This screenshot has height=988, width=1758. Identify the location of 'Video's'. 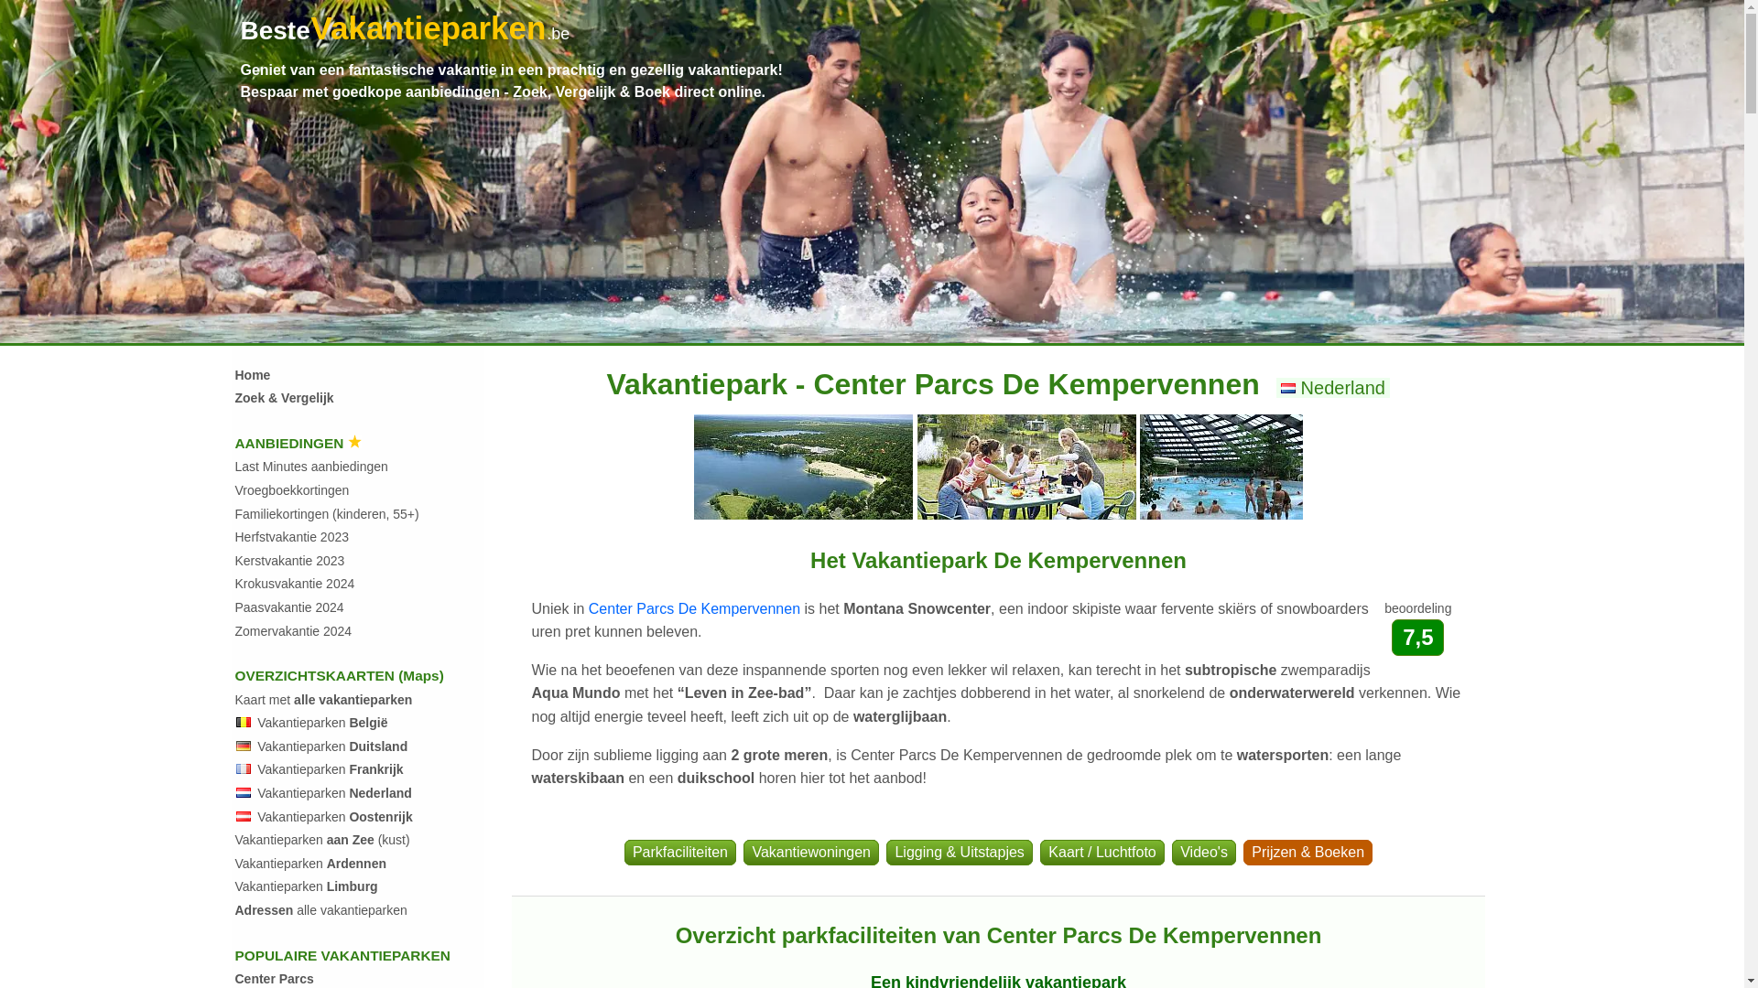
(1204, 853).